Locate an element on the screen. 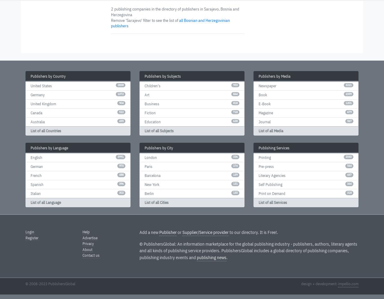  'Business' is located at coordinates (151, 103).